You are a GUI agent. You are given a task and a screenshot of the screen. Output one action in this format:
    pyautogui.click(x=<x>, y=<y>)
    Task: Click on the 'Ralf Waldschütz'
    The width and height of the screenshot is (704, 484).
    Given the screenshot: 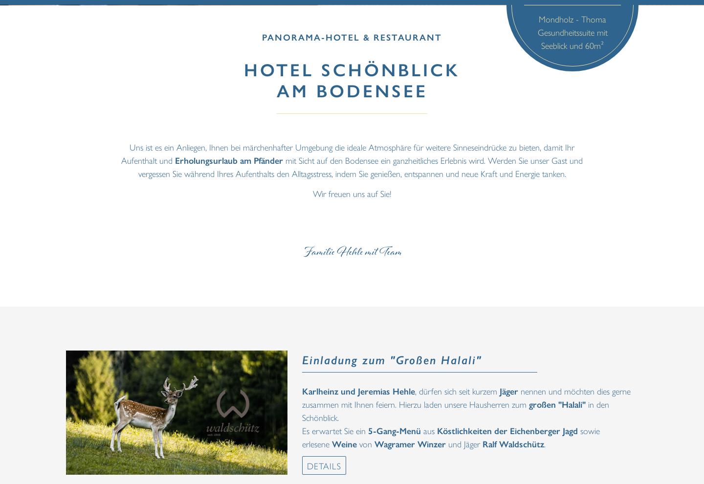 What is the action you would take?
    pyautogui.click(x=513, y=442)
    